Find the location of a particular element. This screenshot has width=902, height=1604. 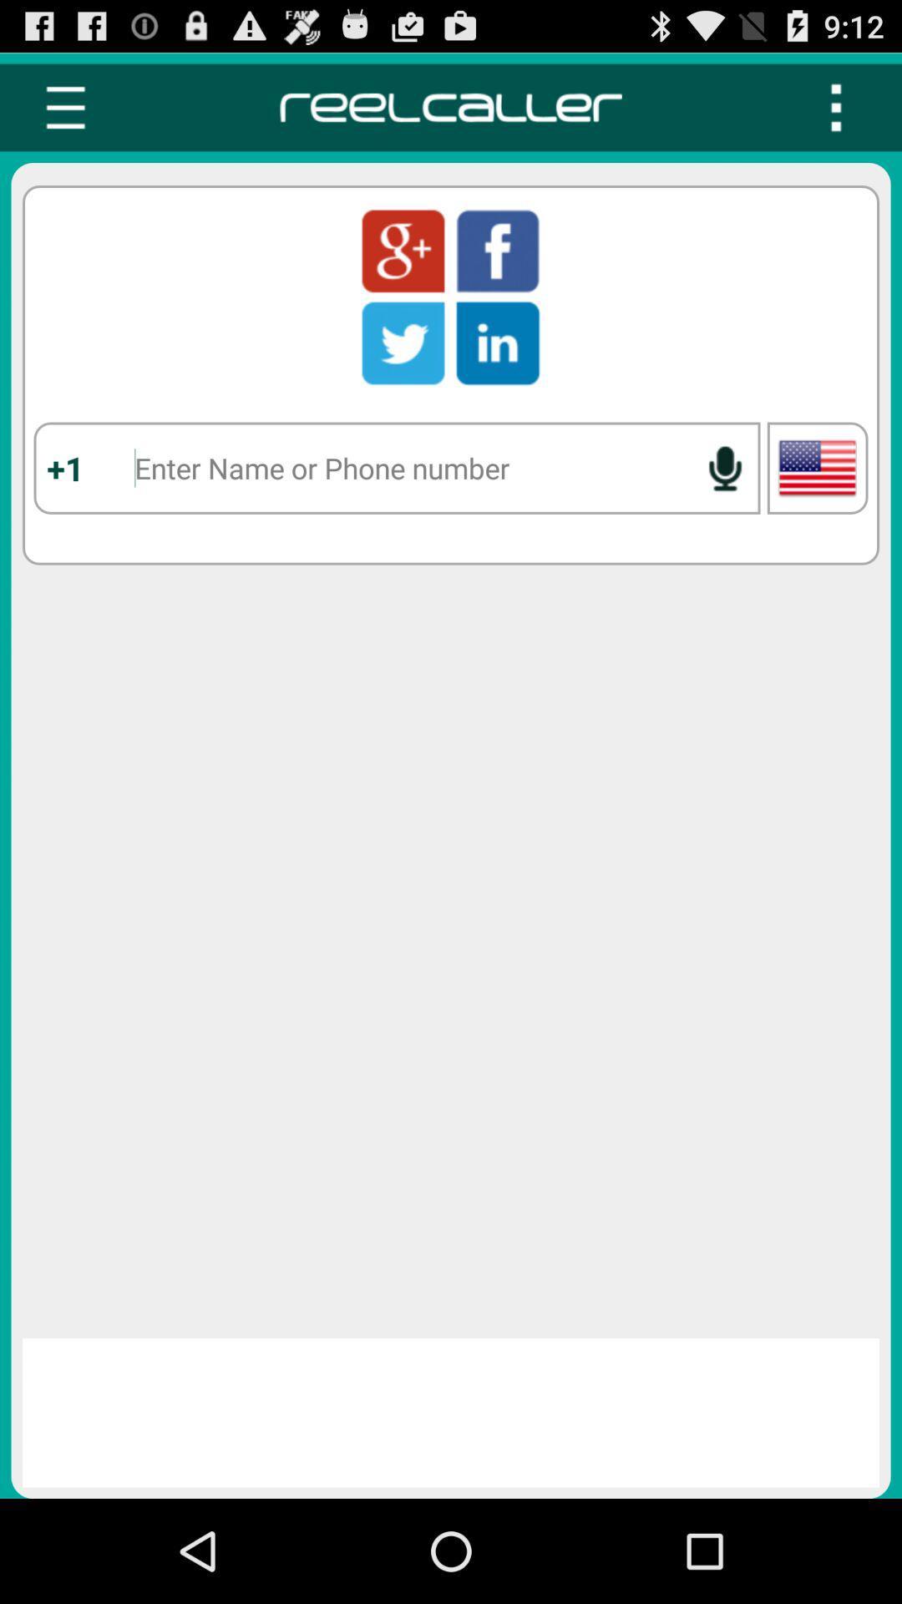

the facebook icon is located at coordinates (497, 268).